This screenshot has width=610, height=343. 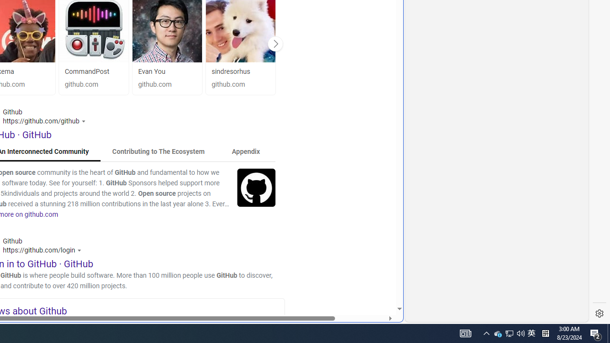 What do you see at coordinates (231, 71) in the screenshot?
I see `'sindresorhus'` at bounding box center [231, 71].